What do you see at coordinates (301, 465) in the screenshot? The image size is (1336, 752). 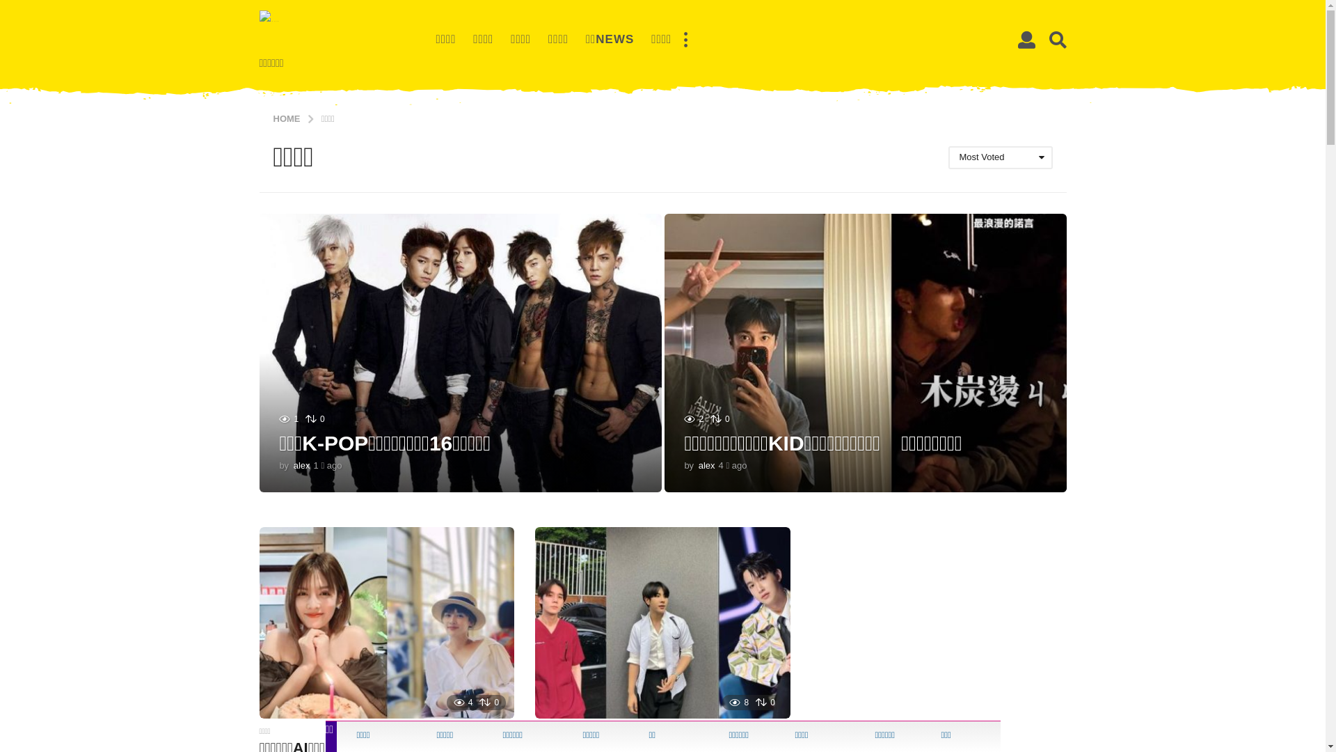 I see `'alex'` at bounding box center [301, 465].